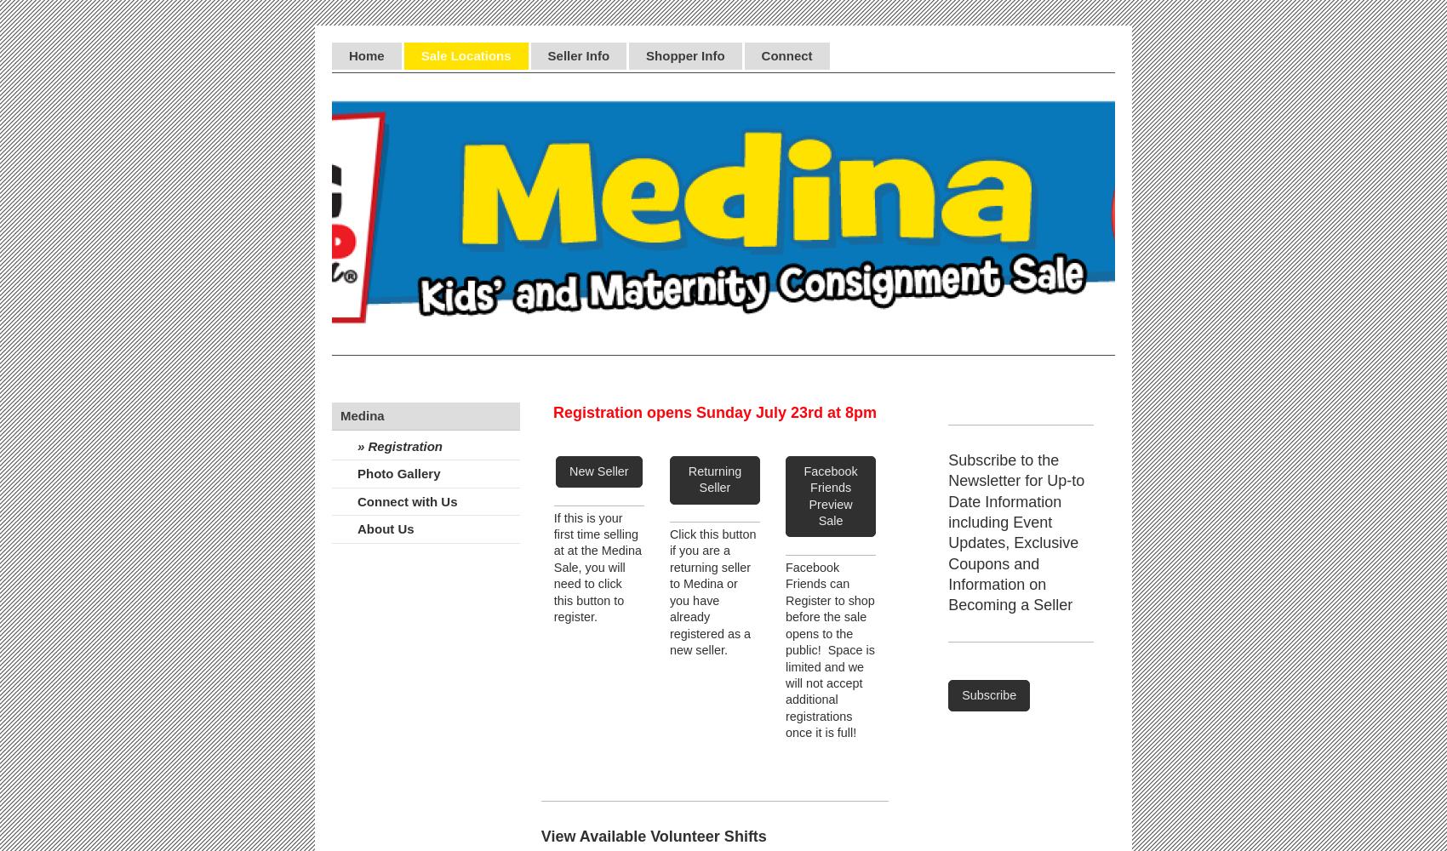 This screenshot has height=851, width=1447. I want to click on 'If this is your first time selling at at the Medina Sale, you will need to click this button to register.', so click(597, 567).